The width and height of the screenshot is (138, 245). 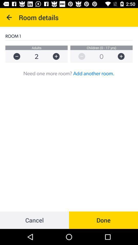 What do you see at coordinates (14, 56) in the screenshot?
I see `minus` at bounding box center [14, 56].